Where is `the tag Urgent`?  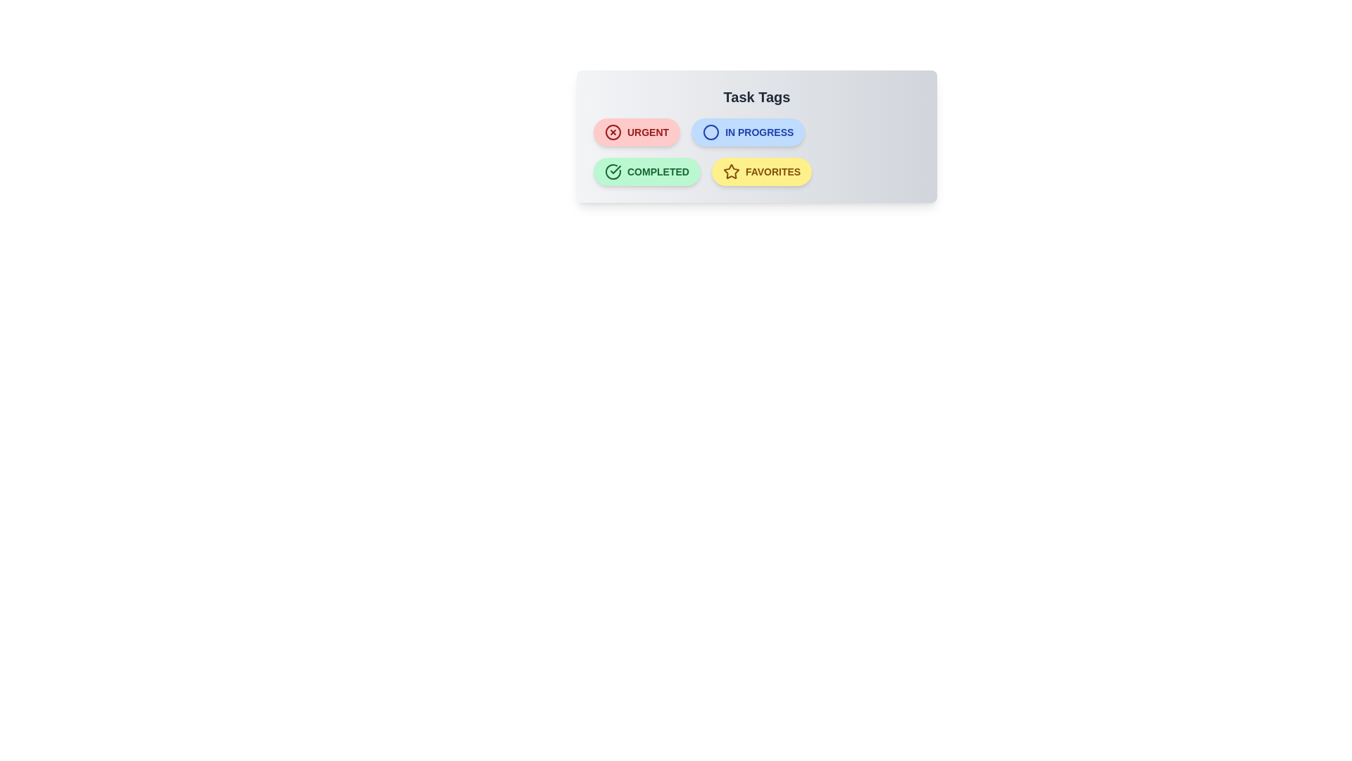 the tag Urgent is located at coordinates (635, 132).